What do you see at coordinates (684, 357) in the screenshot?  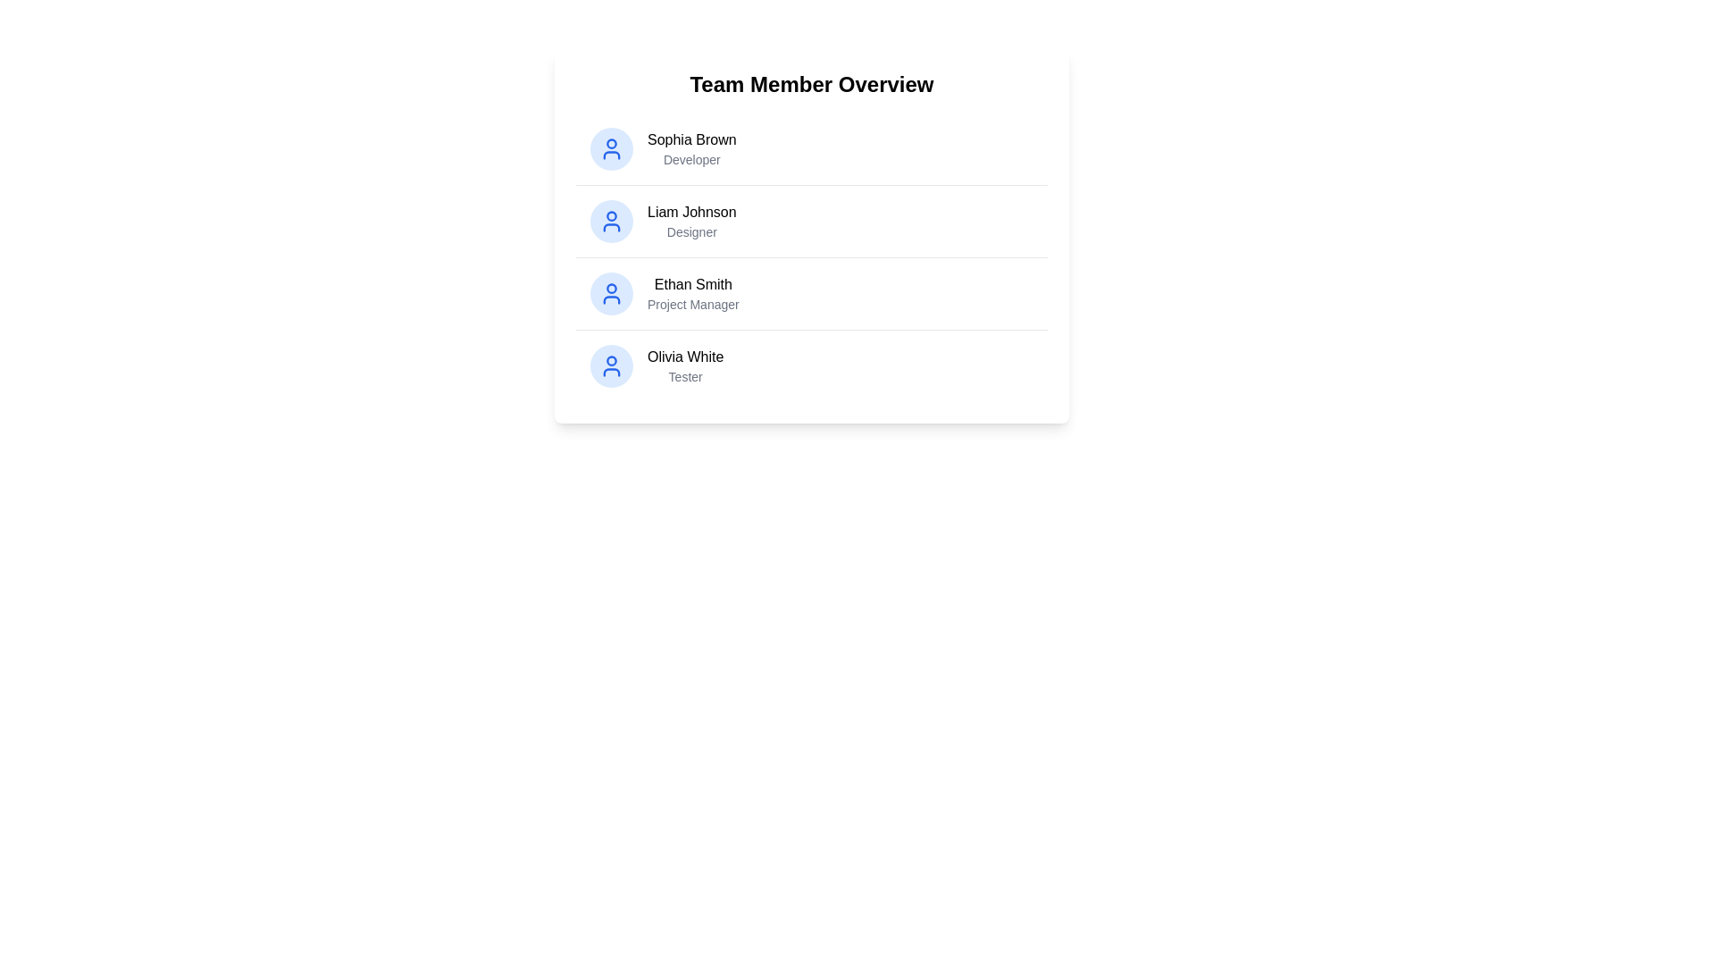 I see `the text label displaying the name 'Olivia White', which is the fourth member in the 'Team Member Overview' list, positioned above the role 'Tester'` at bounding box center [684, 357].